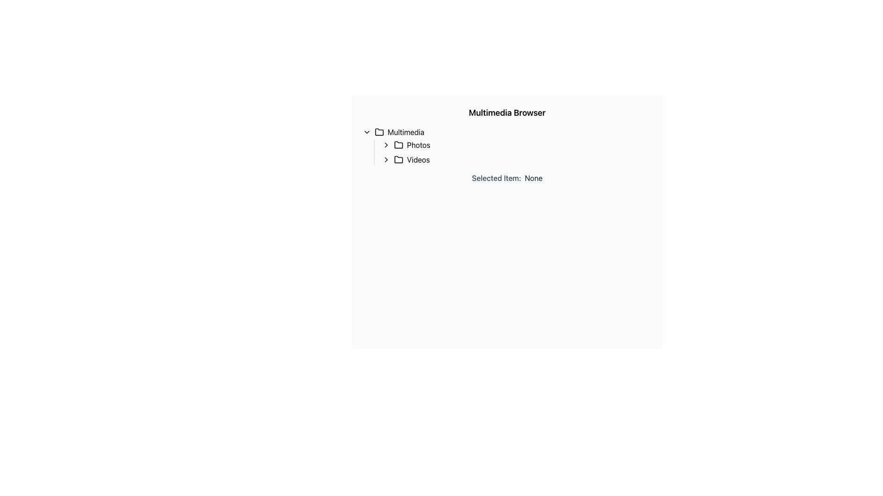 This screenshot has width=883, height=496. I want to click on the folder icon located adjacent to the 'Multimedia' label, characterized by its thick-stroke outline and rounded top edge, so click(379, 132).